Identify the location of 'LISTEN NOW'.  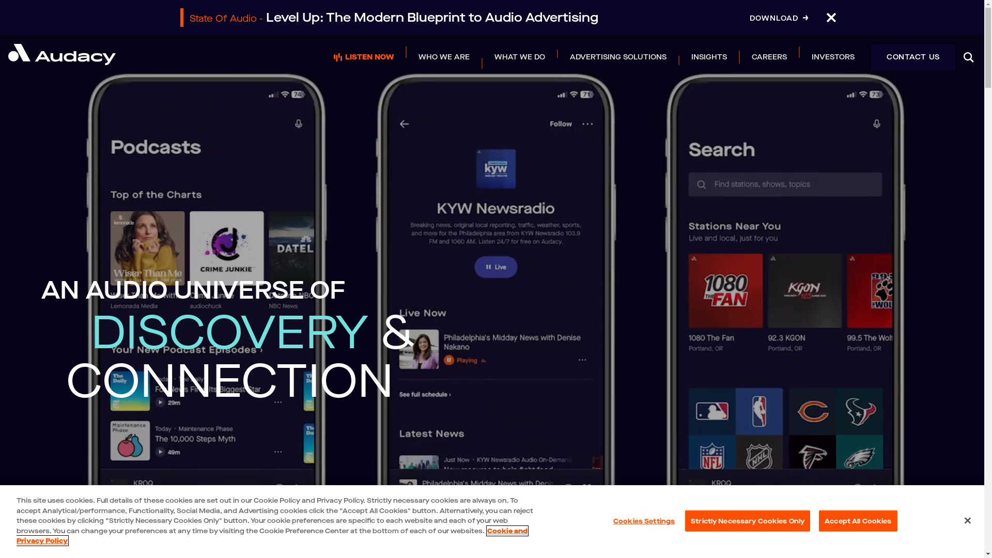
(364, 57).